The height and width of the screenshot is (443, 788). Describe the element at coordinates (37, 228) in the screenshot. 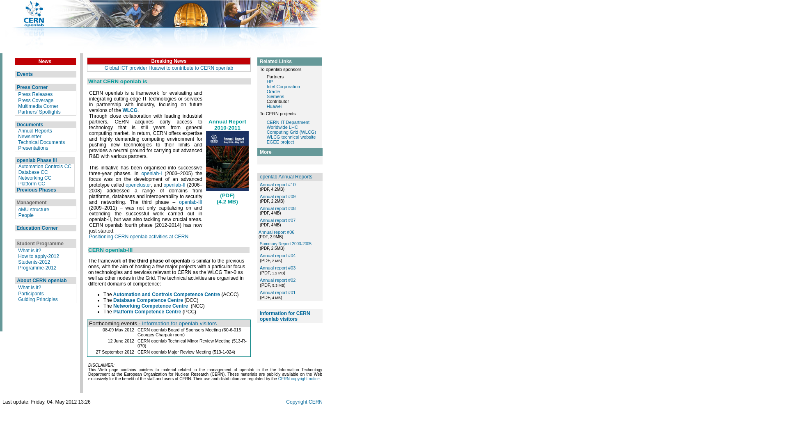

I see `'Education Corner'` at that location.